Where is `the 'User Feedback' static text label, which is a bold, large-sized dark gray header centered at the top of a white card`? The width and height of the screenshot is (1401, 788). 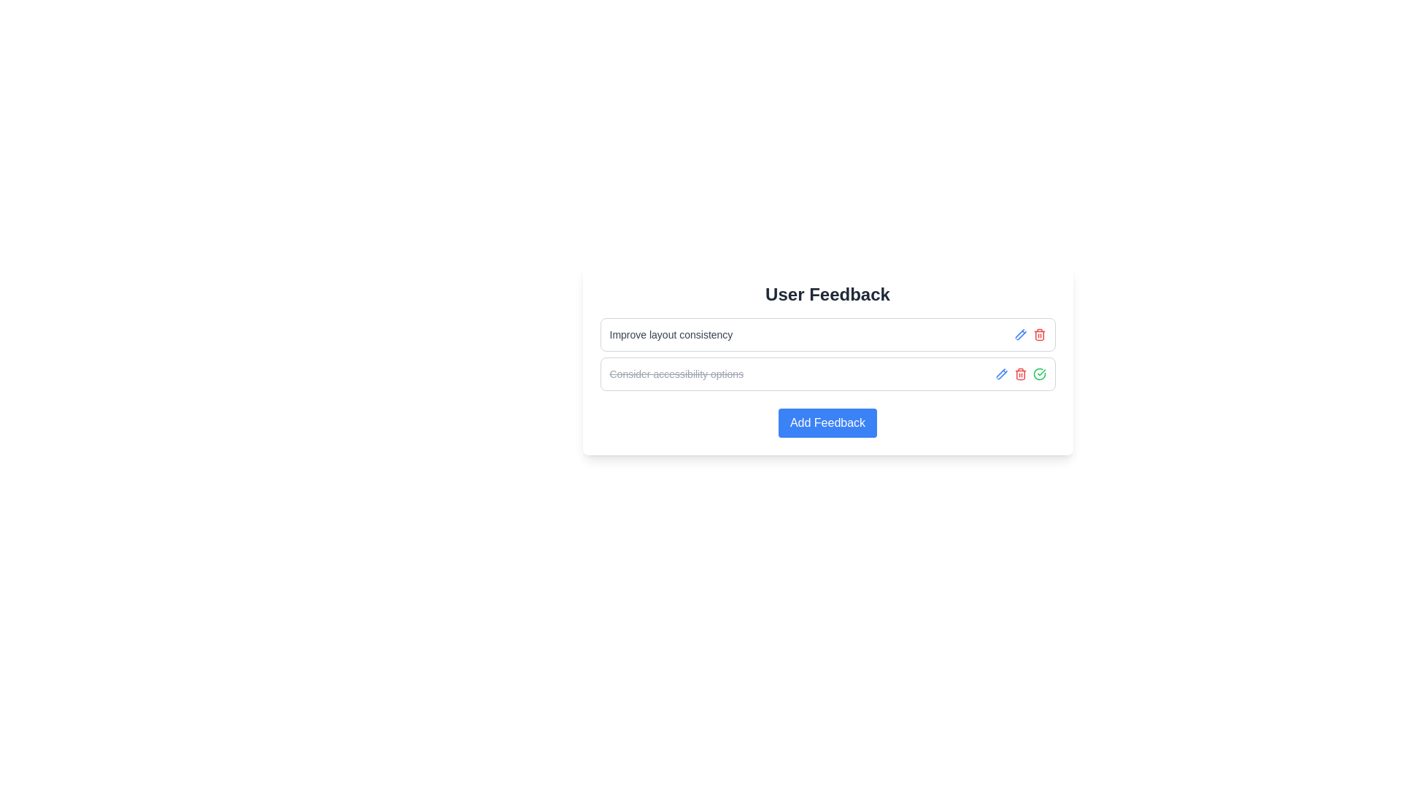
the 'User Feedback' static text label, which is a bold, large-sized dark gray header centered at the top of a white card is located at coordinates (827, 295).